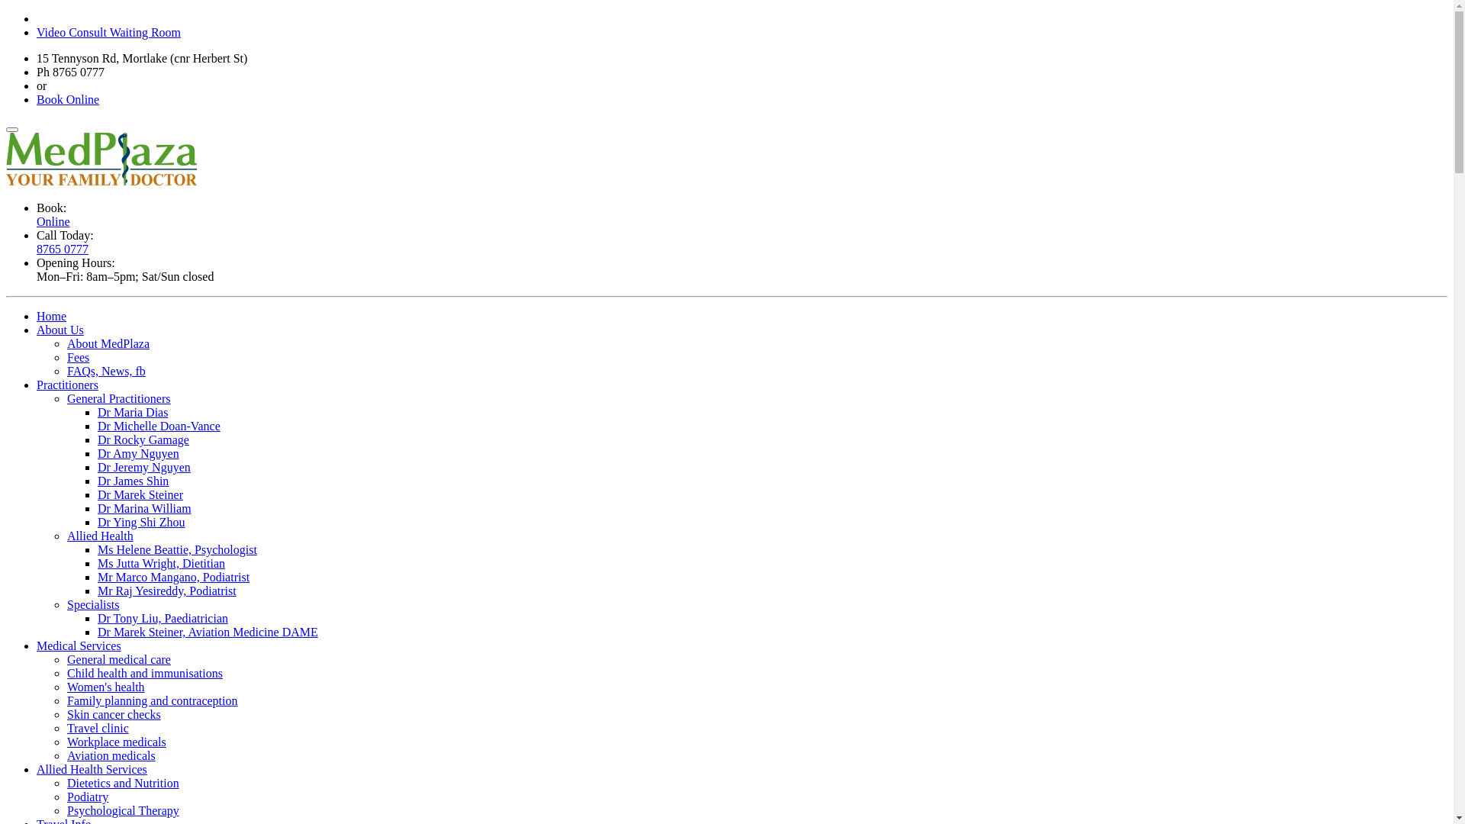 Image resolution: width=1465 pixels, height=824 pixels. Describe the element at coordinates (66, 658) in the screenshot. I see `'General medical care'` at that location.